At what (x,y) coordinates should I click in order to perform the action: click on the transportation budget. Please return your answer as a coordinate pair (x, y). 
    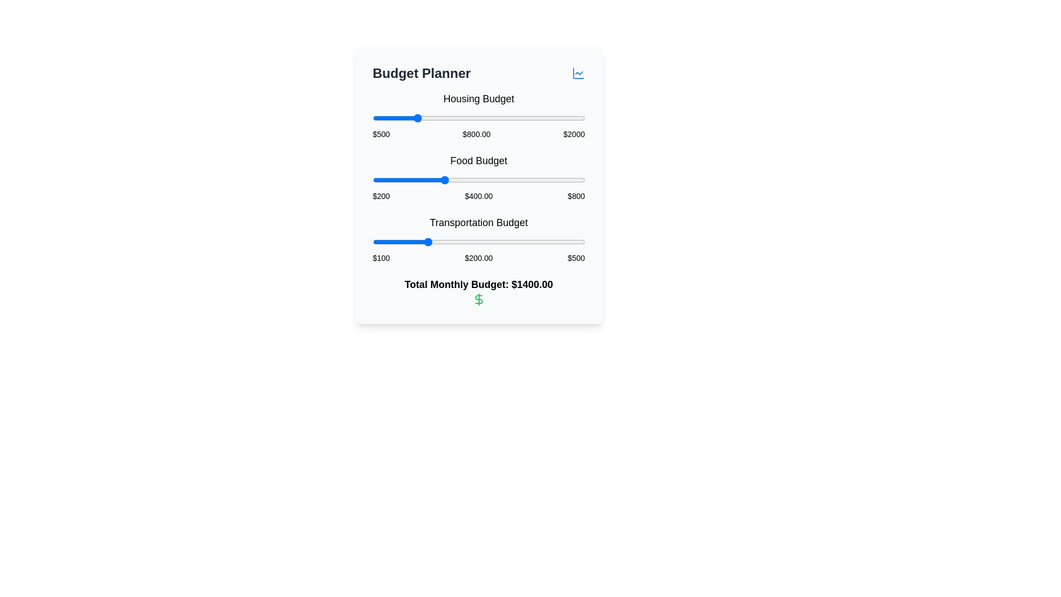
    Looking at the image, I should click on (460, 242).